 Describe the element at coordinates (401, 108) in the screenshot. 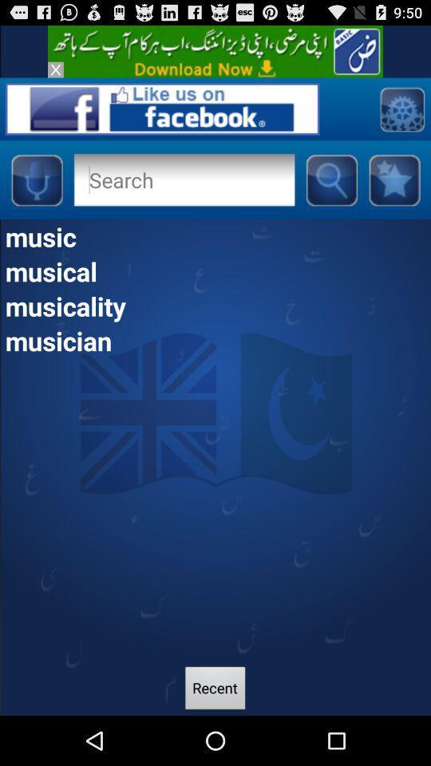

I see `the button is used to open the settings` at that location.